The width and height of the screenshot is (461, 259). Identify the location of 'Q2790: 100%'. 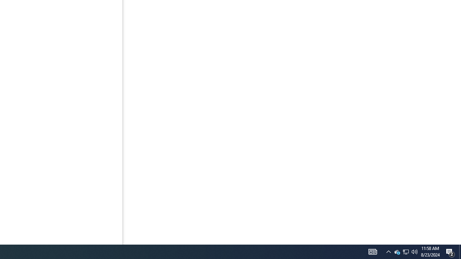
(415, 251).